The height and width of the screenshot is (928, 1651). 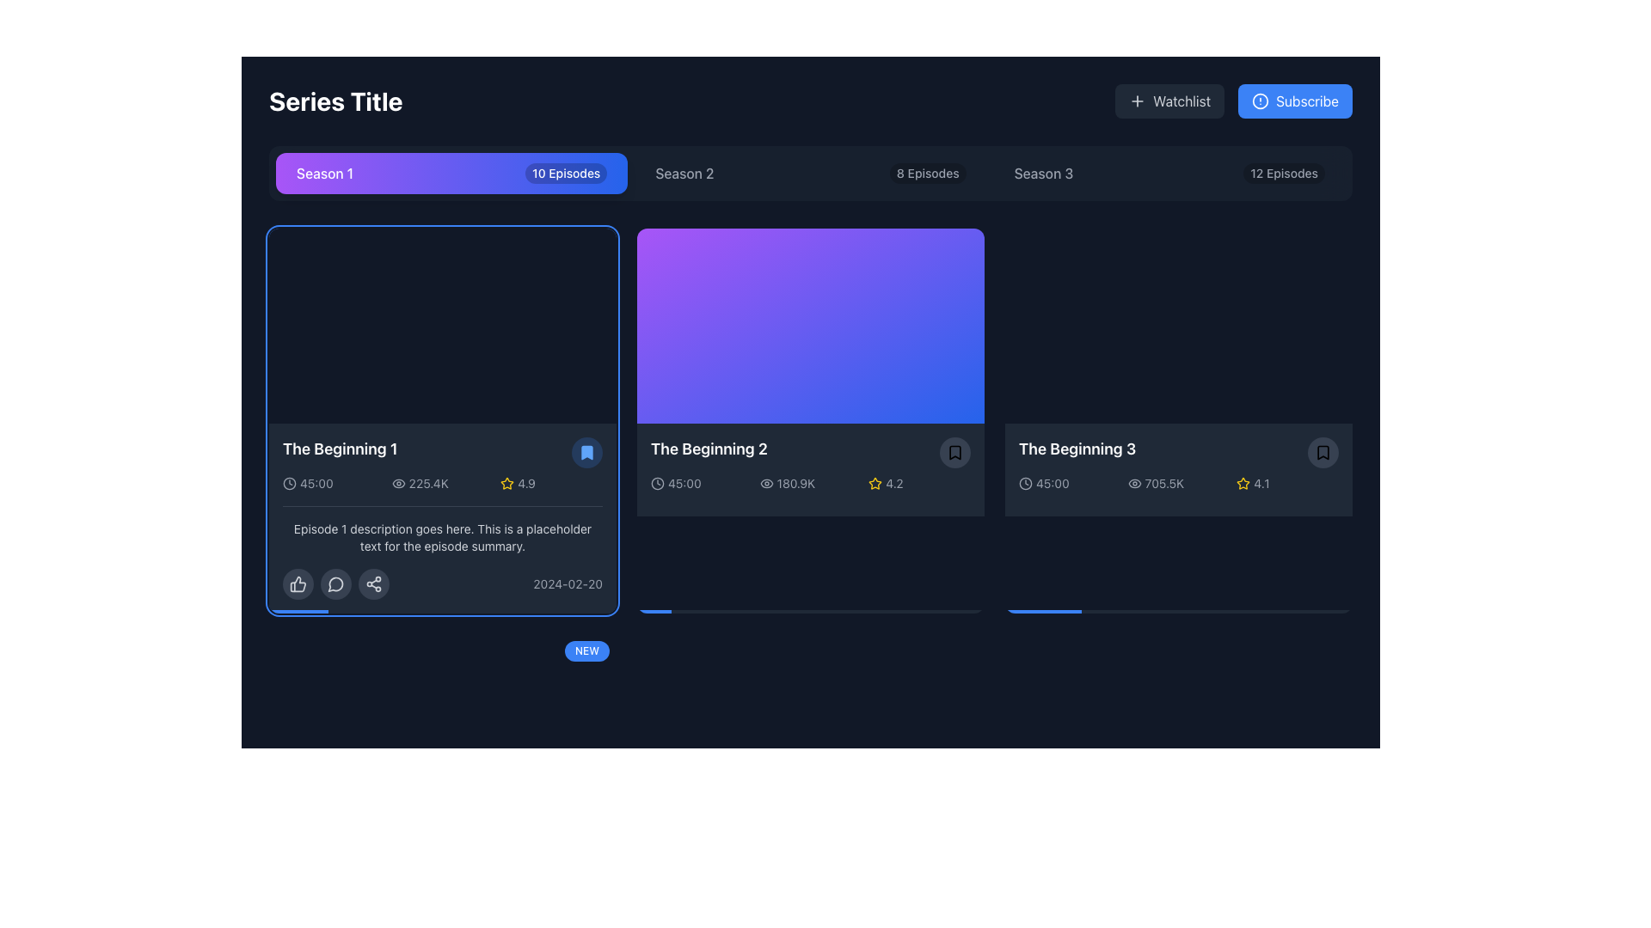 I want to click on the circular blue button with a bookmark icon inside, which is located to the right of the 'The Beginning 1' text at the top-right corner of the episode card, so click(x=586, y=452).